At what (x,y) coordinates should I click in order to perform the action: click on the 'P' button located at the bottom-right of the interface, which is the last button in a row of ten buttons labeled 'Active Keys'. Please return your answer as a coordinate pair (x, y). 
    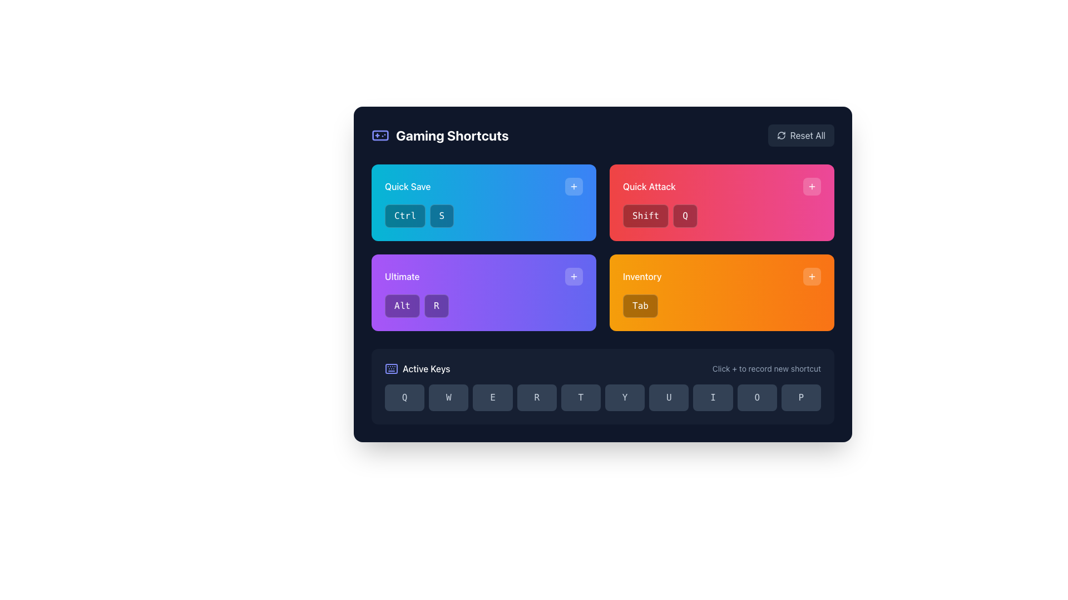
    Looking at the image, I should click on (801, 397).